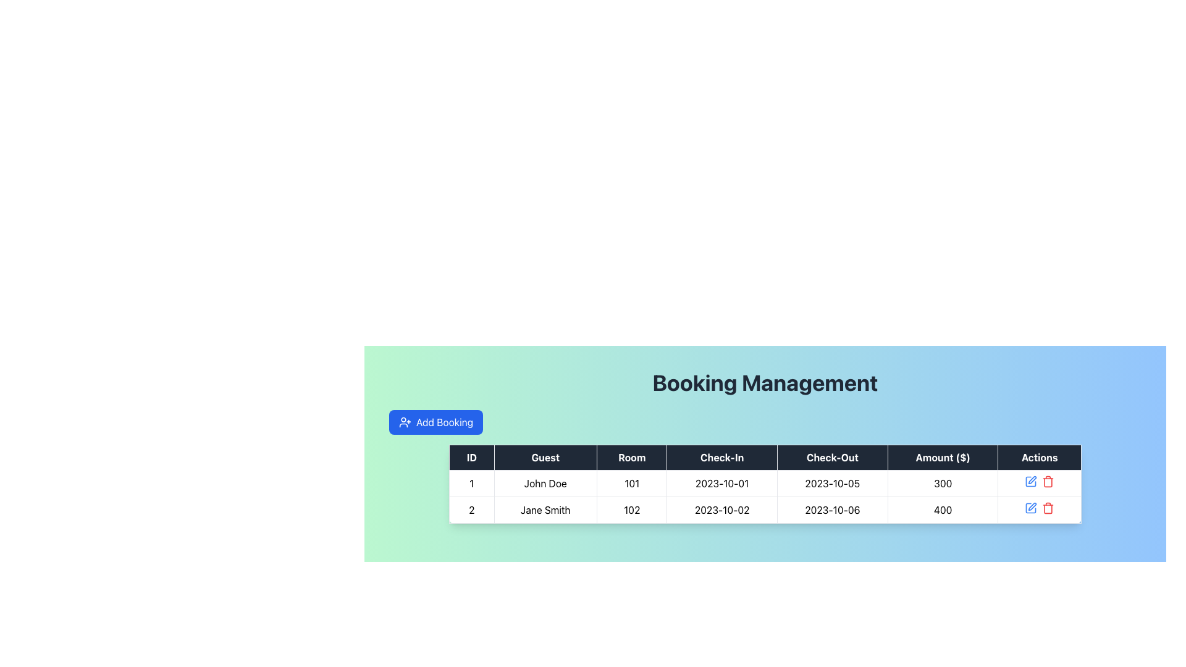 The image size is (1186, 667). What do you see at coordinates (764, 510) in the screenshot?
I see `the second row in the data table under the 'Booking Management' section` at bounding box center [764, 510].